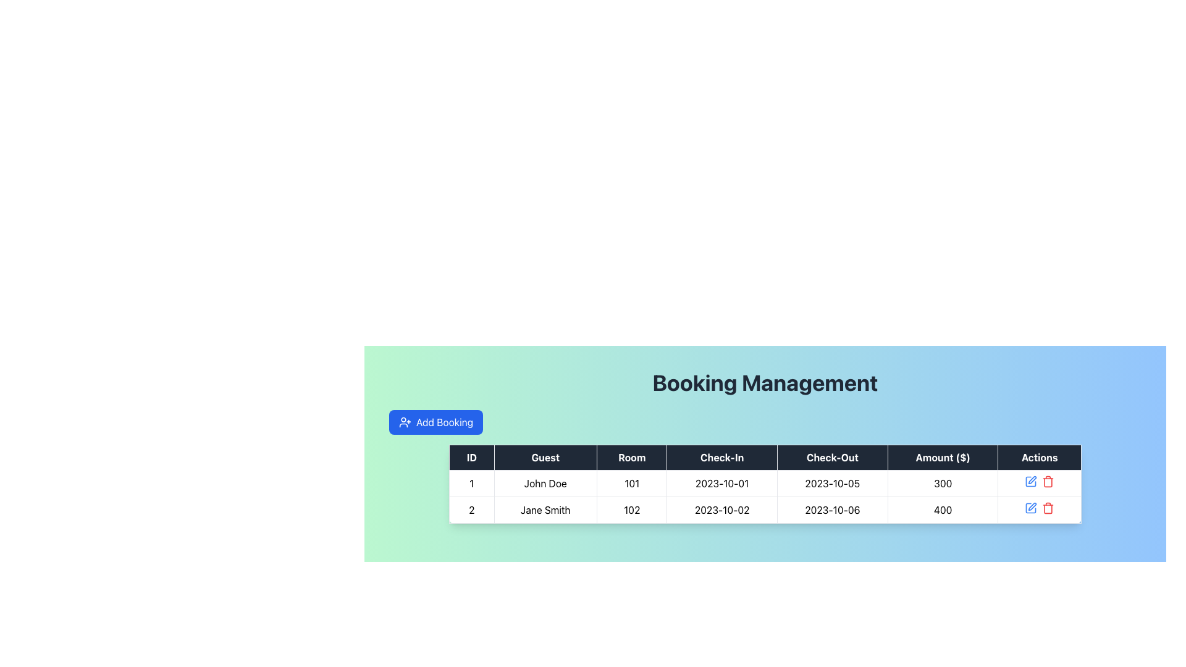 The image size is (1186, 667). What do you see at coordinates (764, 510) in the screenshot?
I see `the second row in the data table under the 'Booking Management' section` at bounding box center [764, 510].